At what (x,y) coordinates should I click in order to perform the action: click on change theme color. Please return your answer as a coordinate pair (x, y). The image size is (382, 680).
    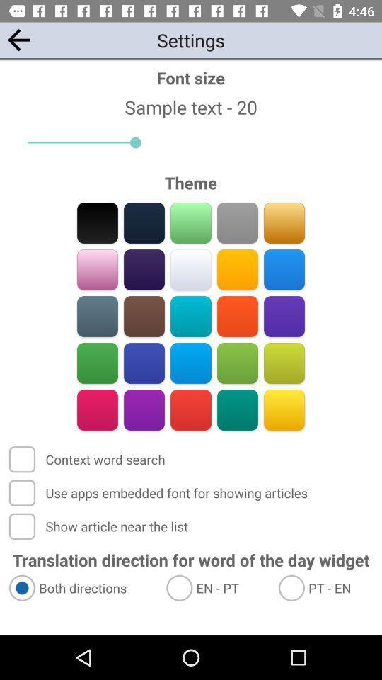
    Looking at the image, I should click on (97, 363).